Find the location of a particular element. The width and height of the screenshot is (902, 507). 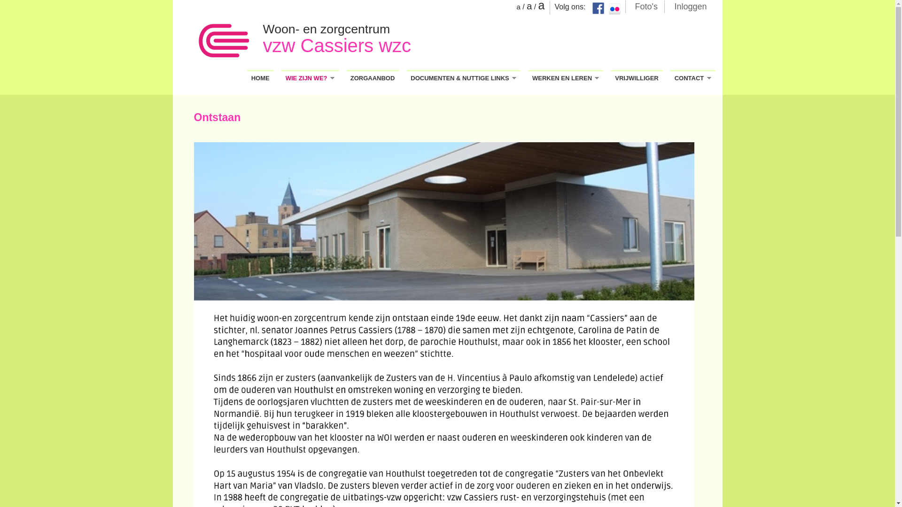

'HOME' is located at coordinates (247, 77).